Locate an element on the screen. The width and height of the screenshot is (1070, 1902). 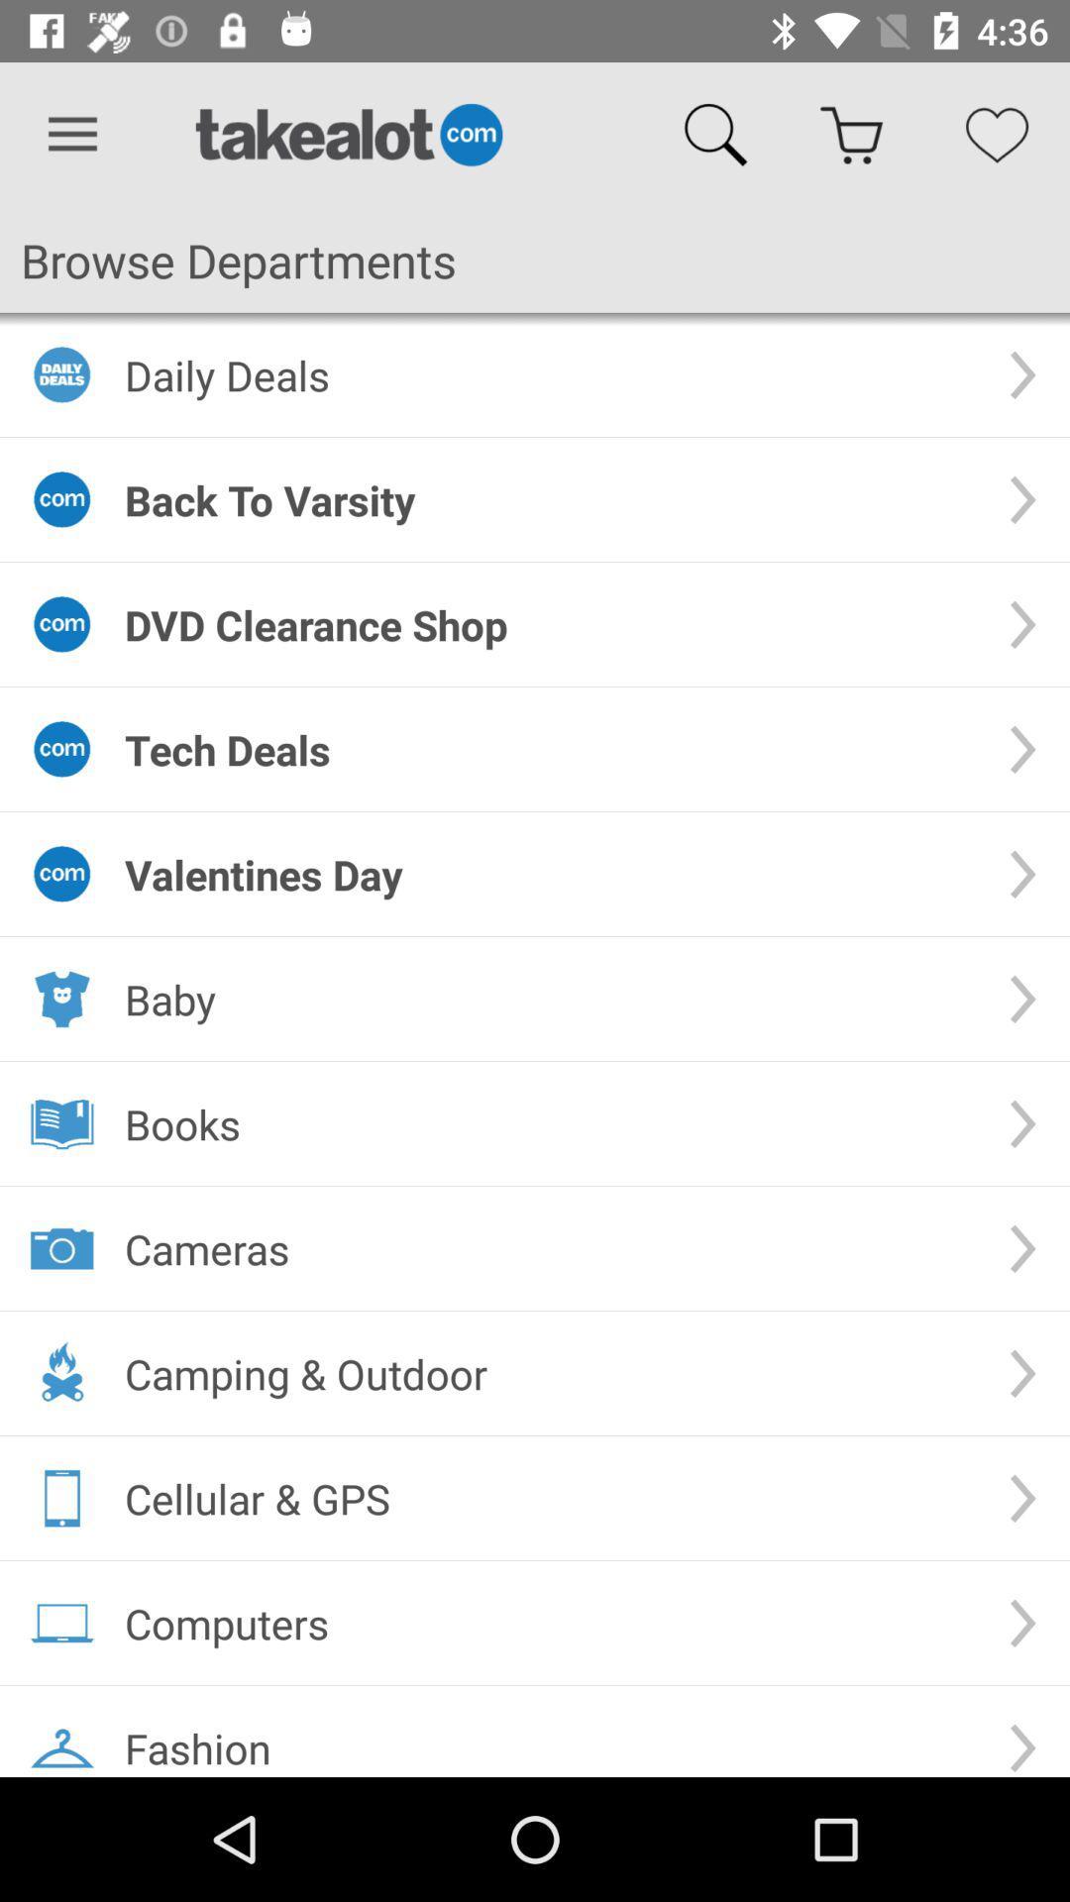
the cameras item is located at coordinates (550, 1247).